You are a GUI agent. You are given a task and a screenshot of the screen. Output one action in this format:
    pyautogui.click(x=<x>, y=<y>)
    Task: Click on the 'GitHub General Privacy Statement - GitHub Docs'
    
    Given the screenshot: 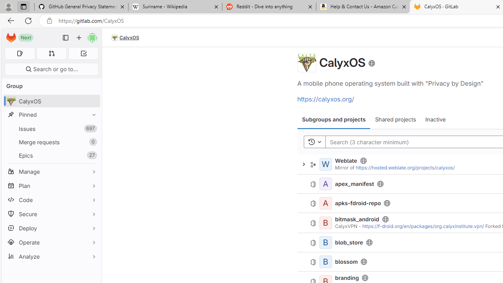 What is the action you would take?
    pyautogui.click(x=81, y=7)
    